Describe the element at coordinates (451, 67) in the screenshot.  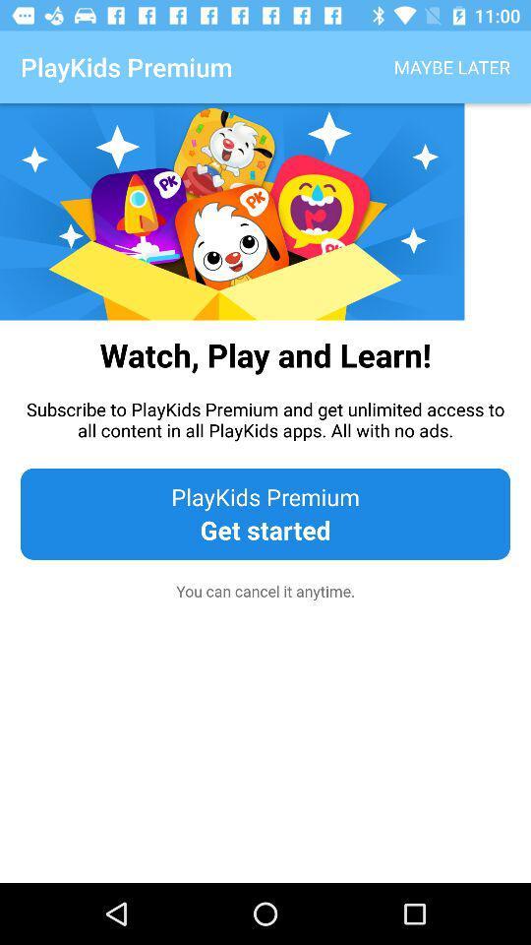
I see `icon at the top right corner` at that location.